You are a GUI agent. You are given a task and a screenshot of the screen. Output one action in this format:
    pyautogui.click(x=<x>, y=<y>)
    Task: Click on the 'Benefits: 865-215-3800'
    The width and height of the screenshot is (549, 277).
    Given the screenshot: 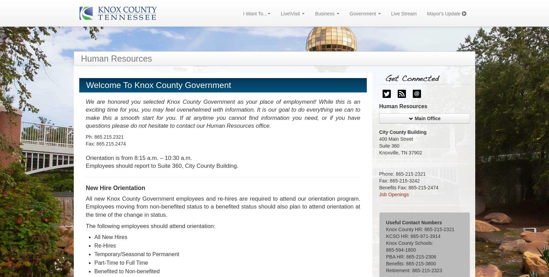 What is the action you would take?
    pyautogui.click(x=386, y=263)
    